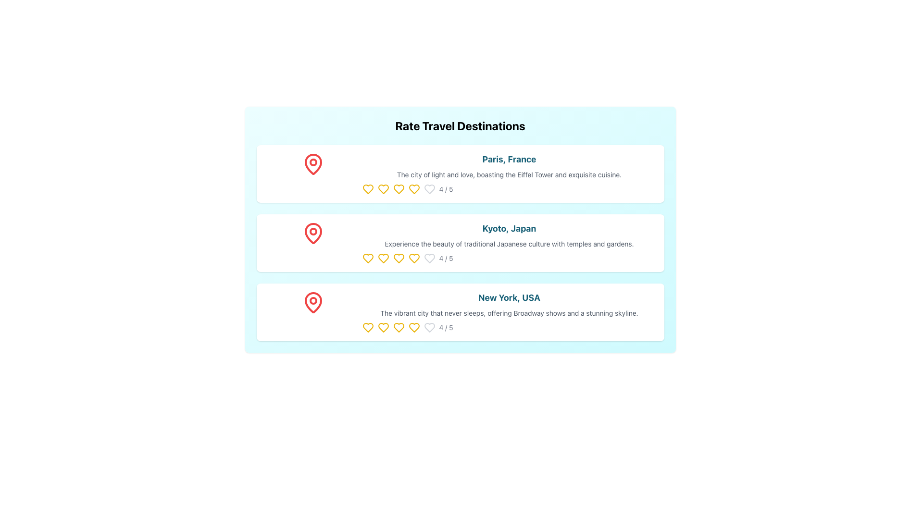 The image size is (923, 519). What do you see at coordinates (414, 189) in the screenshot?
I see `the fourth heart-shaped icon in the rating component for 'Paris, France' to observe styling changes` at bounding box center [414, 189].